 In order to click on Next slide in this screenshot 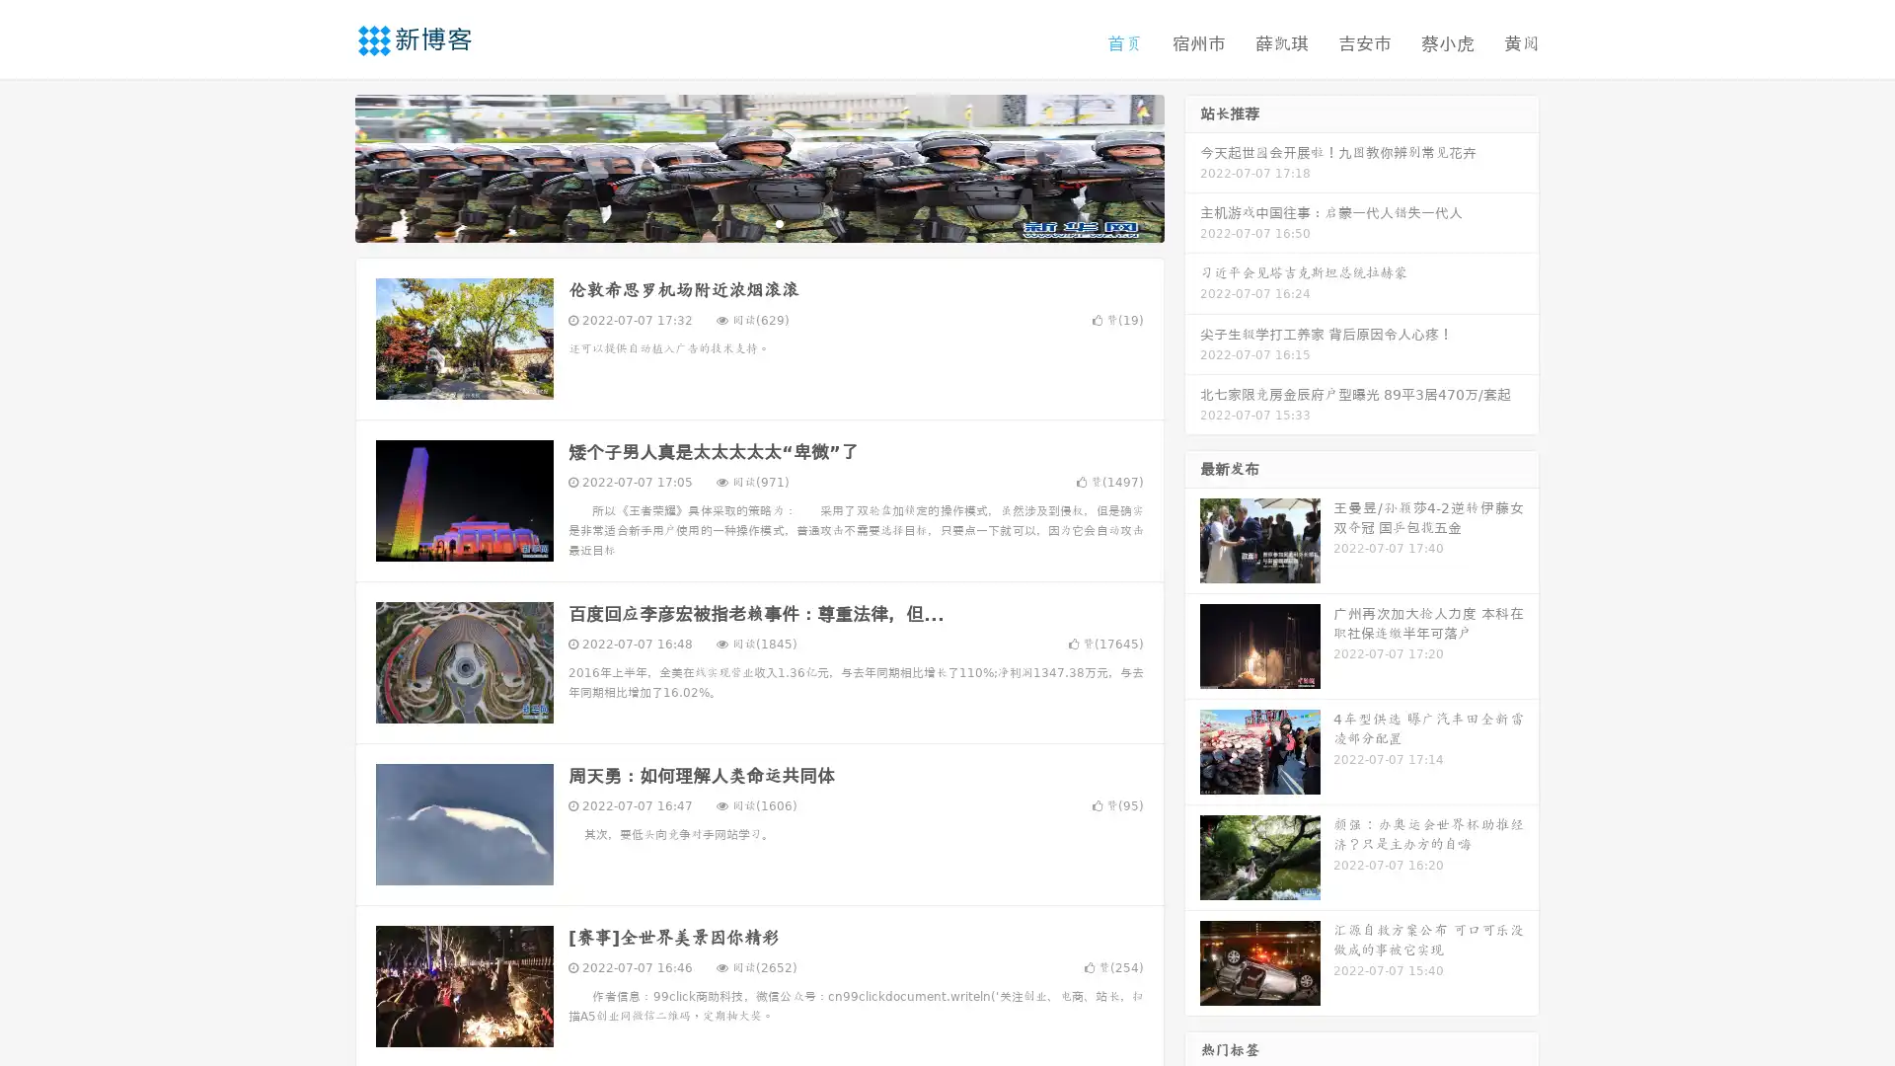, I will do `click(1192, 166)`.